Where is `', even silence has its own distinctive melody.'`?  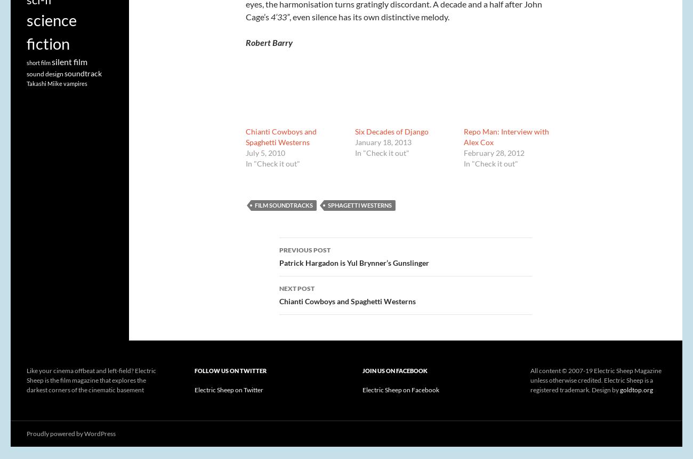 ', even silence has its own distinctive melody.' is located at coordinates (369, 17).